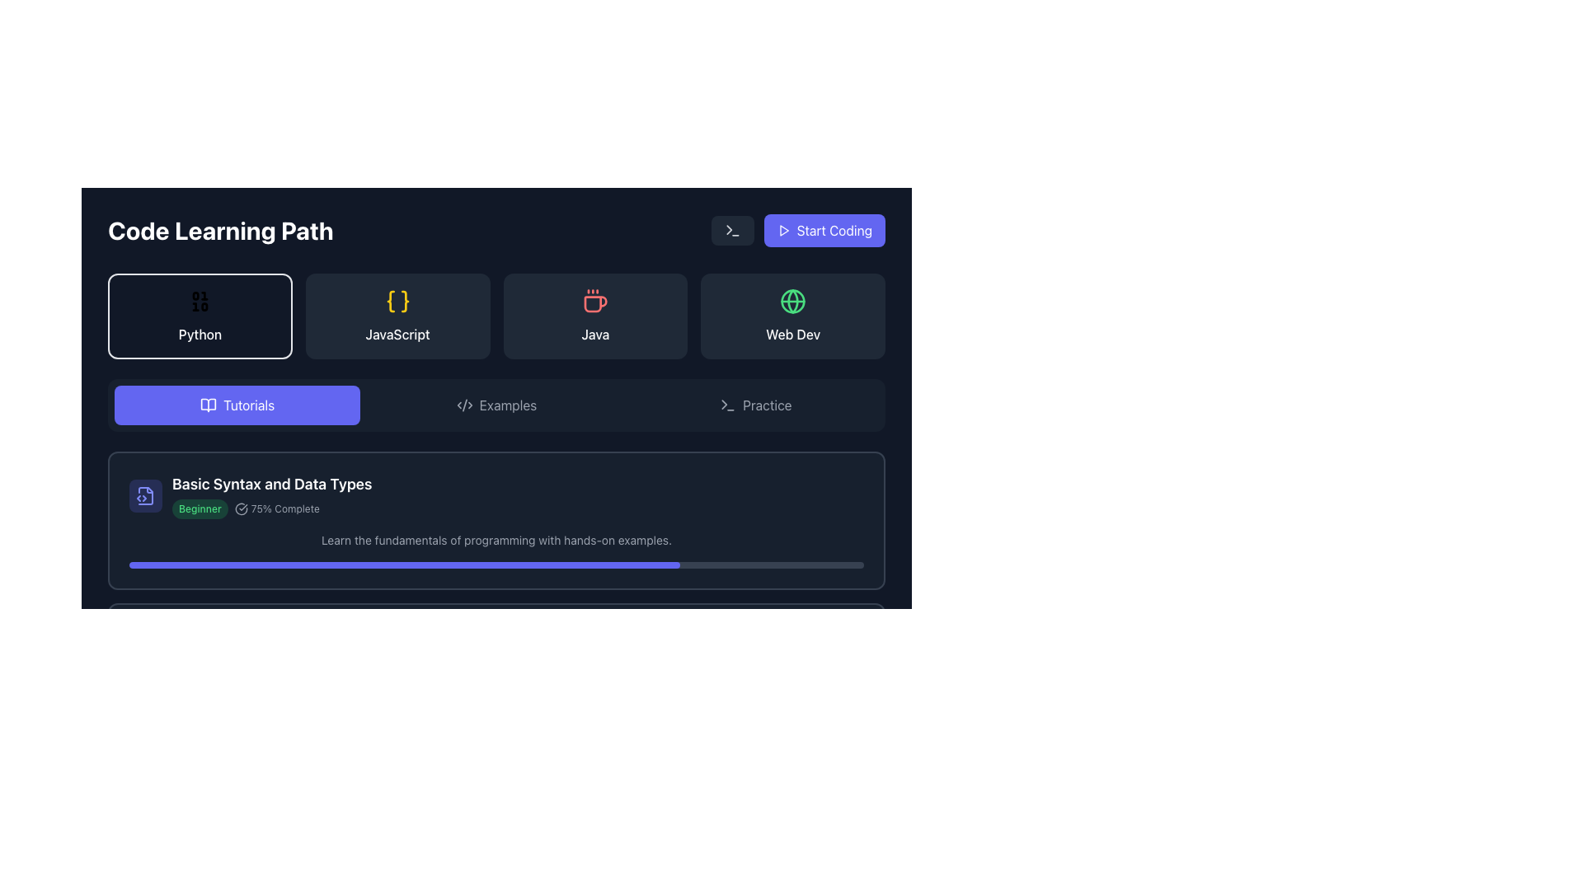  I want to click on the progress value of the thin horizontal progress bar located at the bottom of the 'Basic Syntax and Data Types' card, which has a gray background and a blue filled section representing progress, so click(496, 564).